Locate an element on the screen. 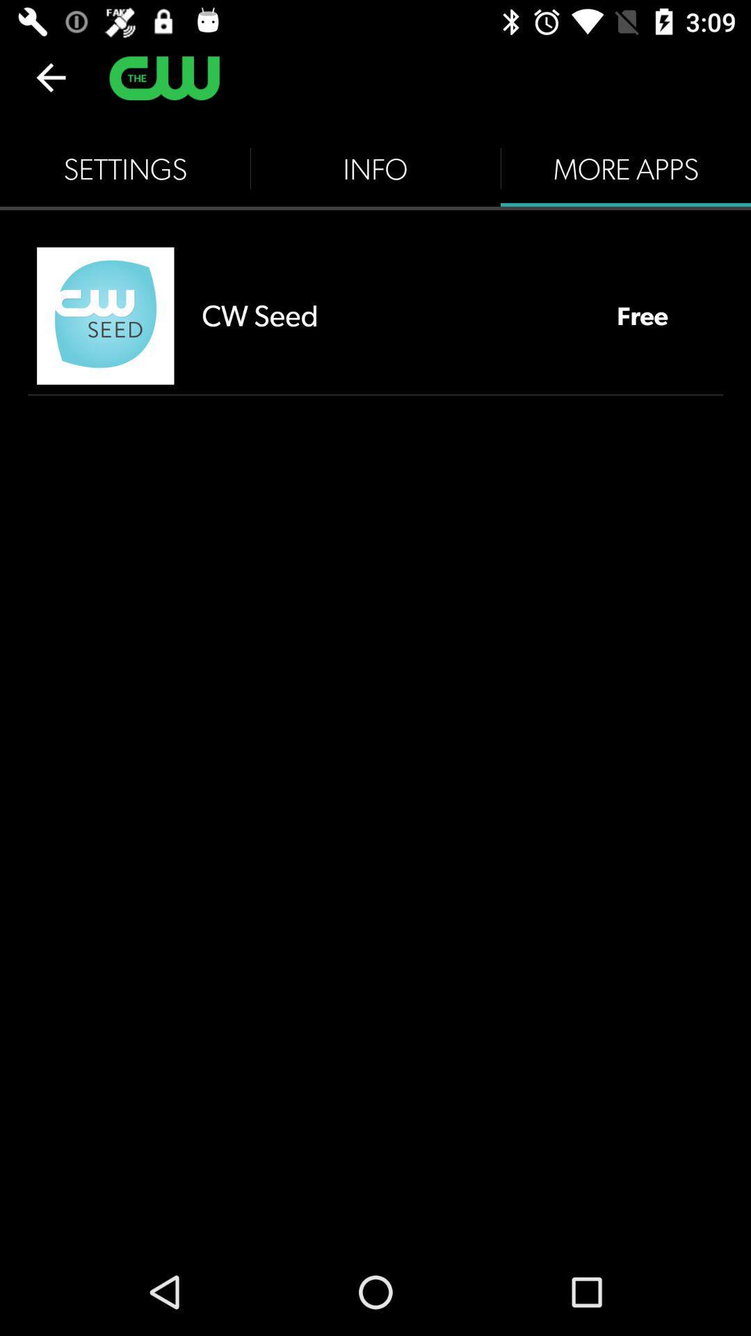 The width and height of the screenshot is (751, 1336). the icon to the right of the settings icon is located at coordinates (375, 168).